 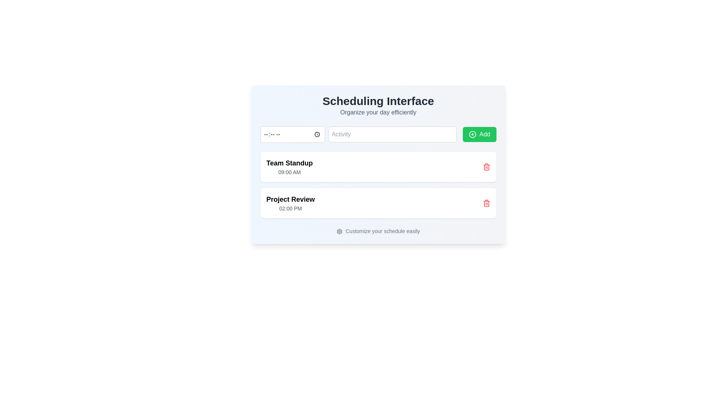 I want to click on the text label displaying '02:00 PM', which is located directly below the 'Project Review' label in the event list, so click(x=290, y=208).